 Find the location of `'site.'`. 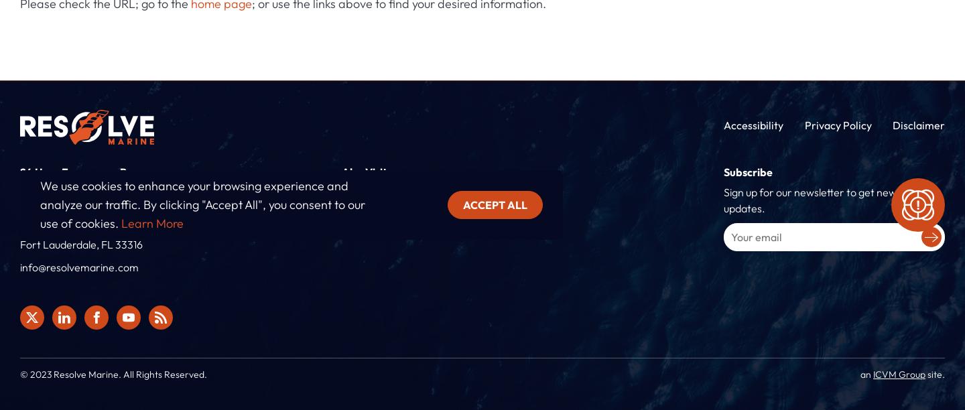

'site.' is located at coordinates (935, 373).